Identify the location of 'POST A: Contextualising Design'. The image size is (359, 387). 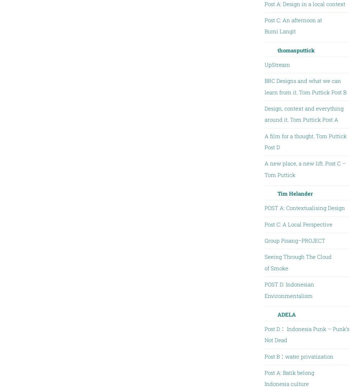
(304, 208).